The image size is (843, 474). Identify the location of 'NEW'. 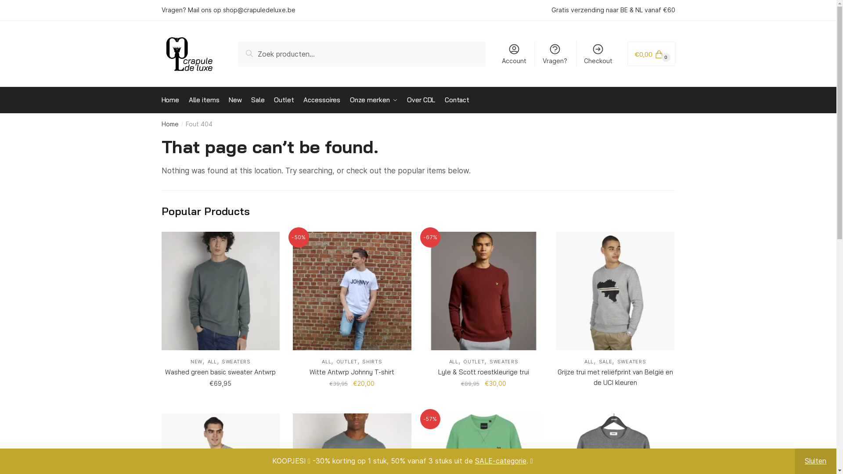
(196, 362).